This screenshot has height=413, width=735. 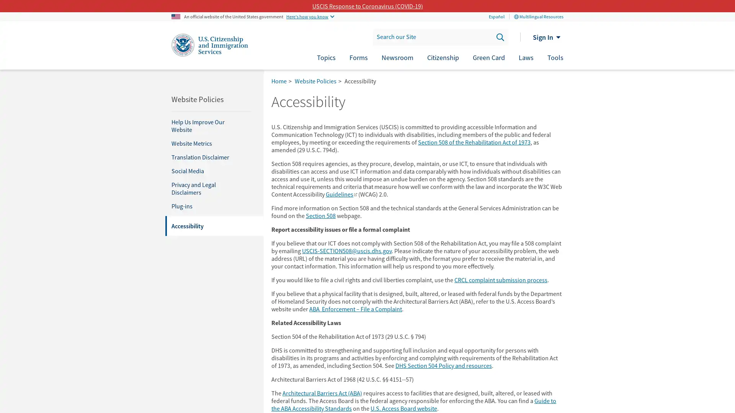 What do you see at coordinates (500, 37) in the screenshot?
I see `Search` at bounding box center [500, 37].